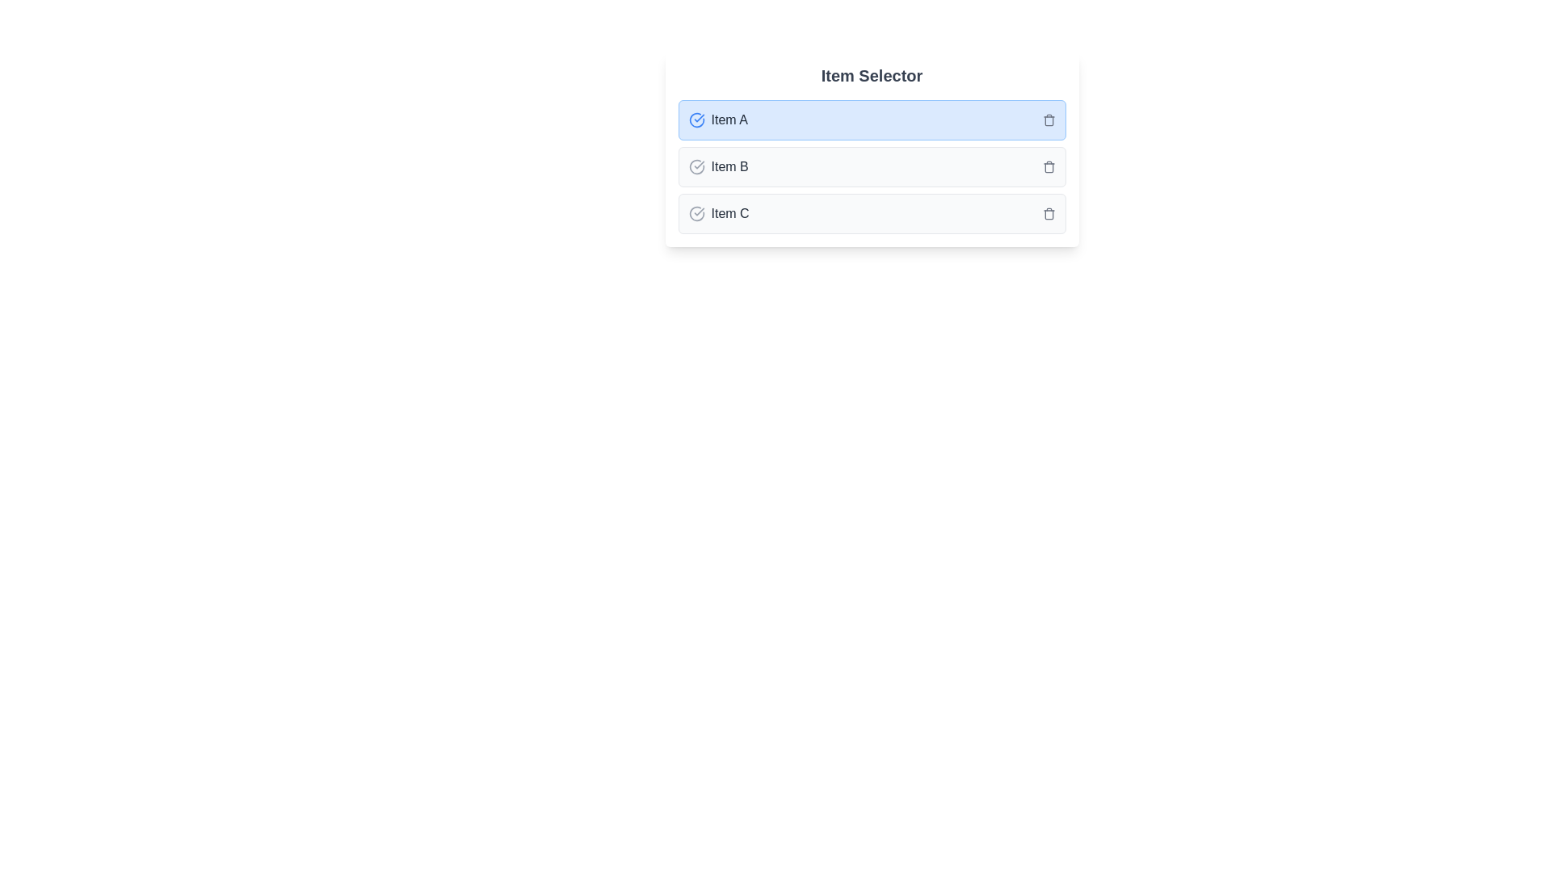  I want to click on text label 'Item A' which is bold and highlighted, positioned next to a blue checkmark icon indicating a selected state, so click(717, 119).